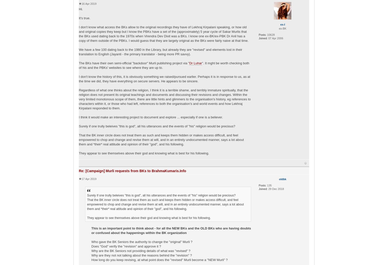 Image resolution: width=388 pixels, height=265 pixels. What do you see at coordinates (164, 79) in the screenshot?
I see `'I don't know the history of this, it is obviously something we raised/pursued earlier. Perhaps it is in response to us, as at the time we did, they have everything on secure servers. He appears to be sincere.'` at bounding box center [164, 79].